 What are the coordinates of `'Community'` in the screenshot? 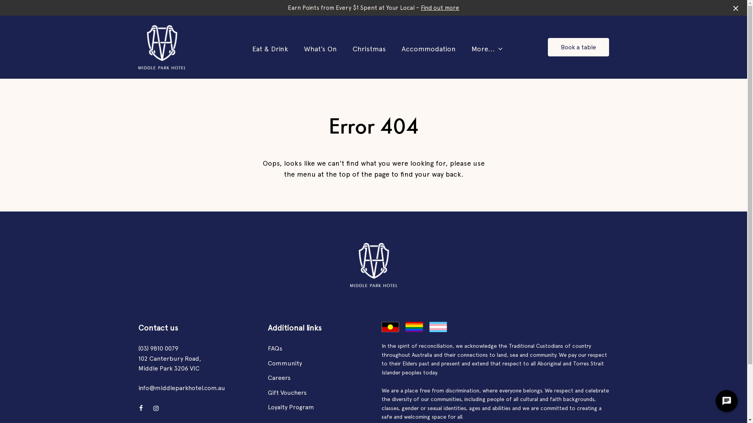 It's located at (284, 363).